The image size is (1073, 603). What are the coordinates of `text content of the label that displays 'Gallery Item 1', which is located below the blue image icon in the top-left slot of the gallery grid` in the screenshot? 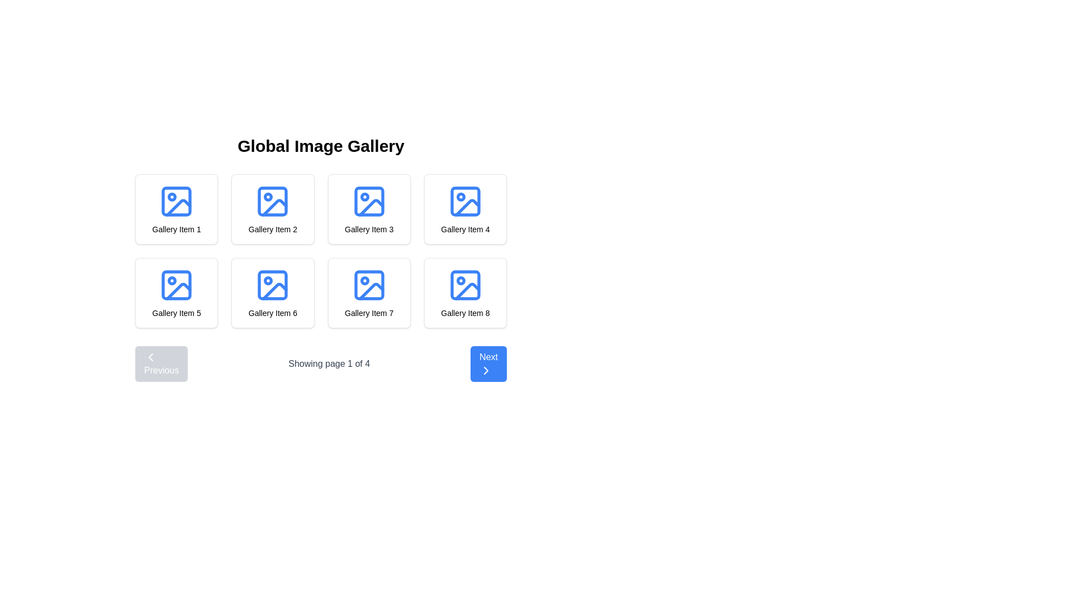 It's located at (176, 229).